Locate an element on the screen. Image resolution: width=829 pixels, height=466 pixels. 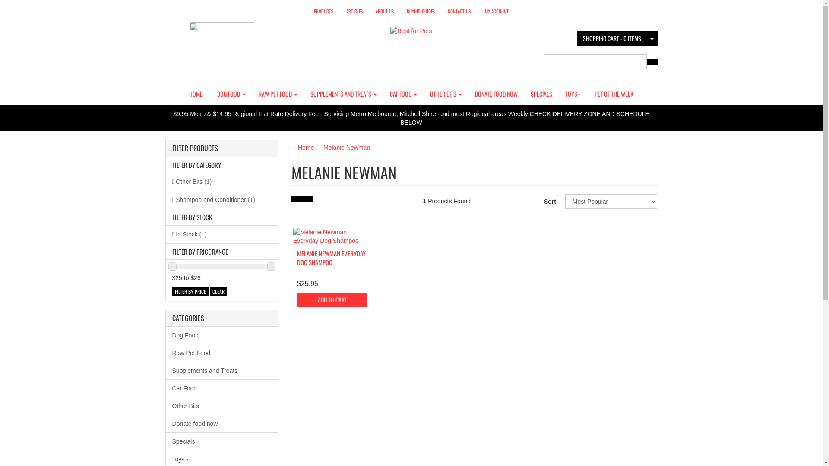
'PRODUCTS' is located at coordinates (307, 11).